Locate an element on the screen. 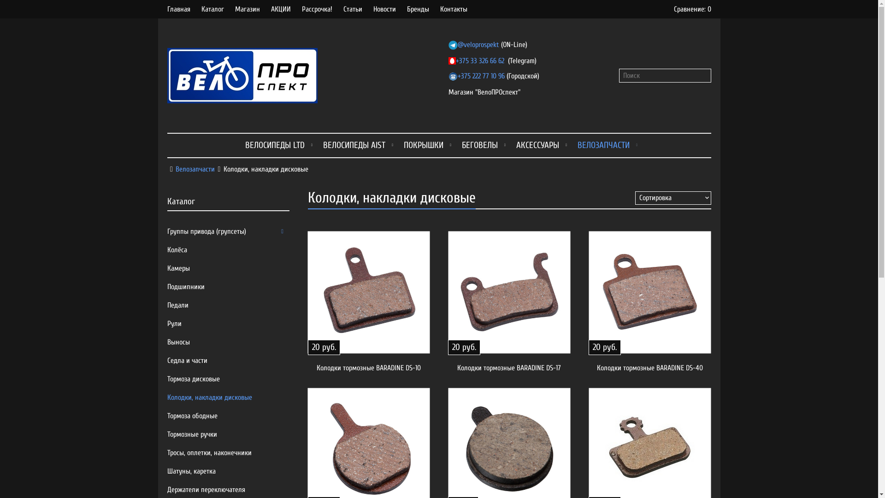  '@veloprospekt' is located at coordinates (478, 44).